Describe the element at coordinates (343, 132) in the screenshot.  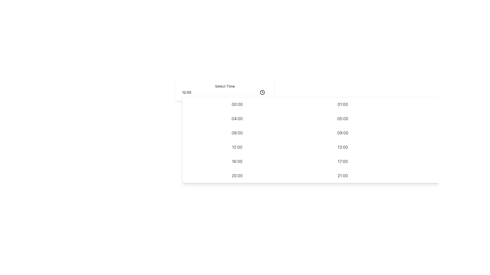
I see `the selectable list item displaying '09:00'` at that location.